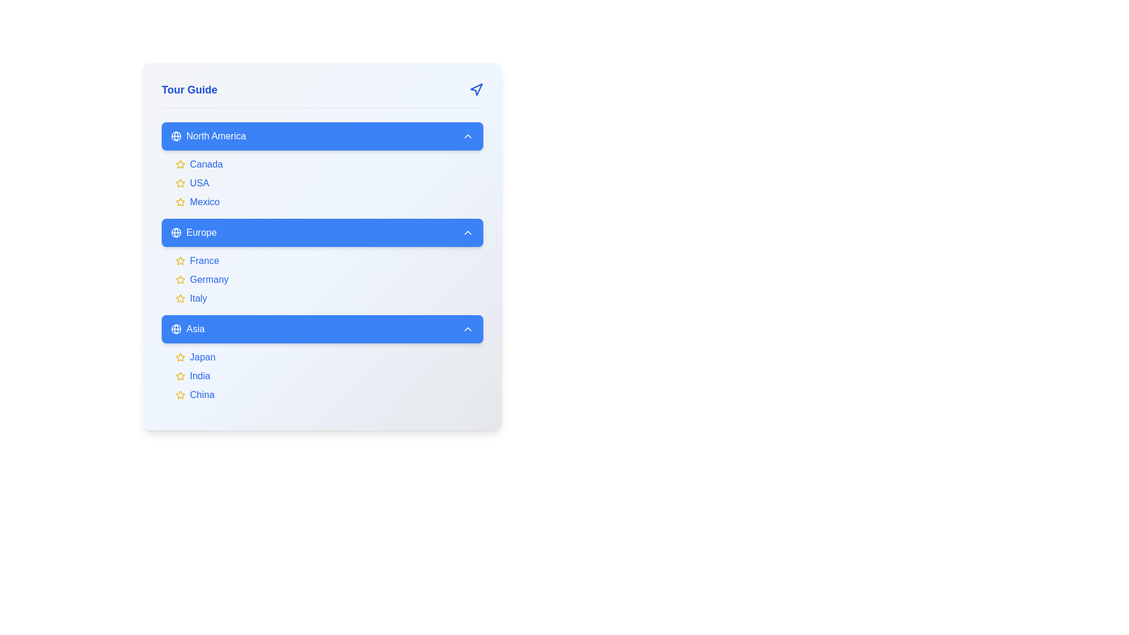 The width and height of the screenshot is (1129, 635). I want to click on the small star icon with a yellow outline located beside the text 'Japan', so click(180, 357).